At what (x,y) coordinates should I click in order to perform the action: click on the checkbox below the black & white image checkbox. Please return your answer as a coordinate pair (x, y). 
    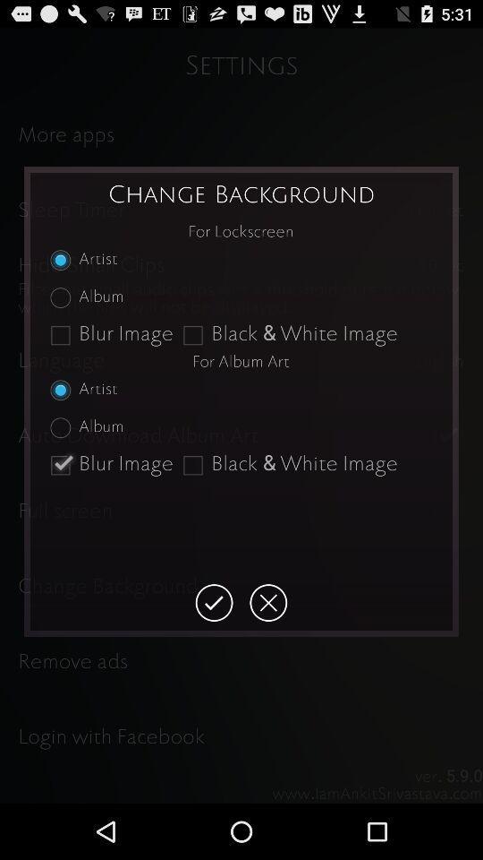
    Looking at the image, I should click on (214, 603).